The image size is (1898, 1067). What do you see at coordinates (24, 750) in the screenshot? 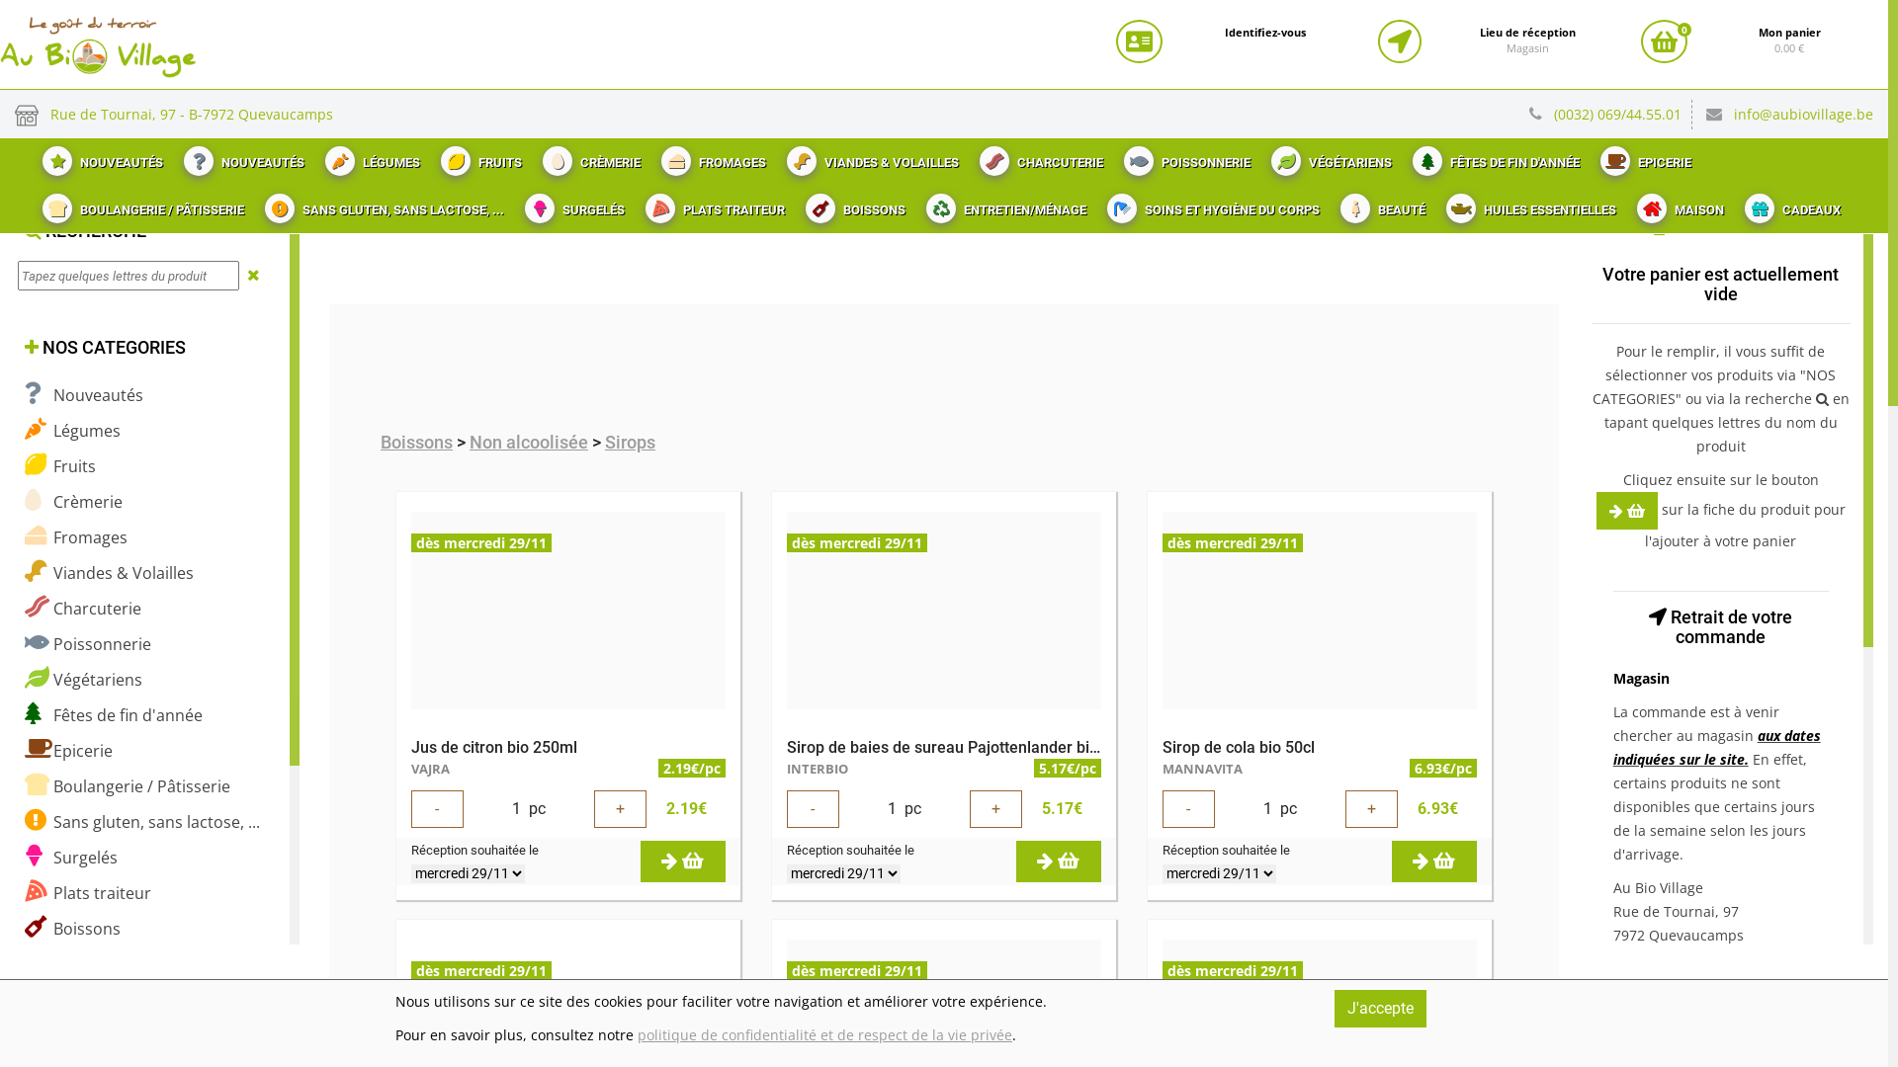
I see `'Epicerie'` at bounding box center [24, 750].